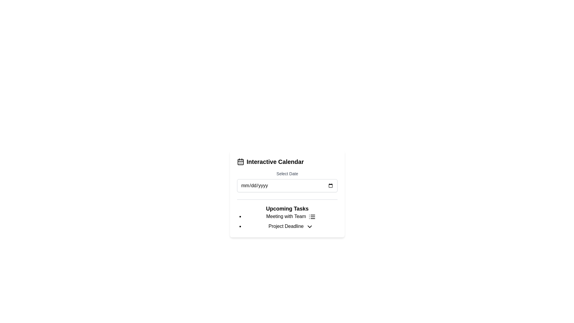 The height and width of the screenshot is (323, 574). What do you see at coordinates (241, 161) in the screenshot?
I see `the calendar icon located to the left of the text 'Interactive Calendar' in the top section of the interface` at bounding box center [241, 161].